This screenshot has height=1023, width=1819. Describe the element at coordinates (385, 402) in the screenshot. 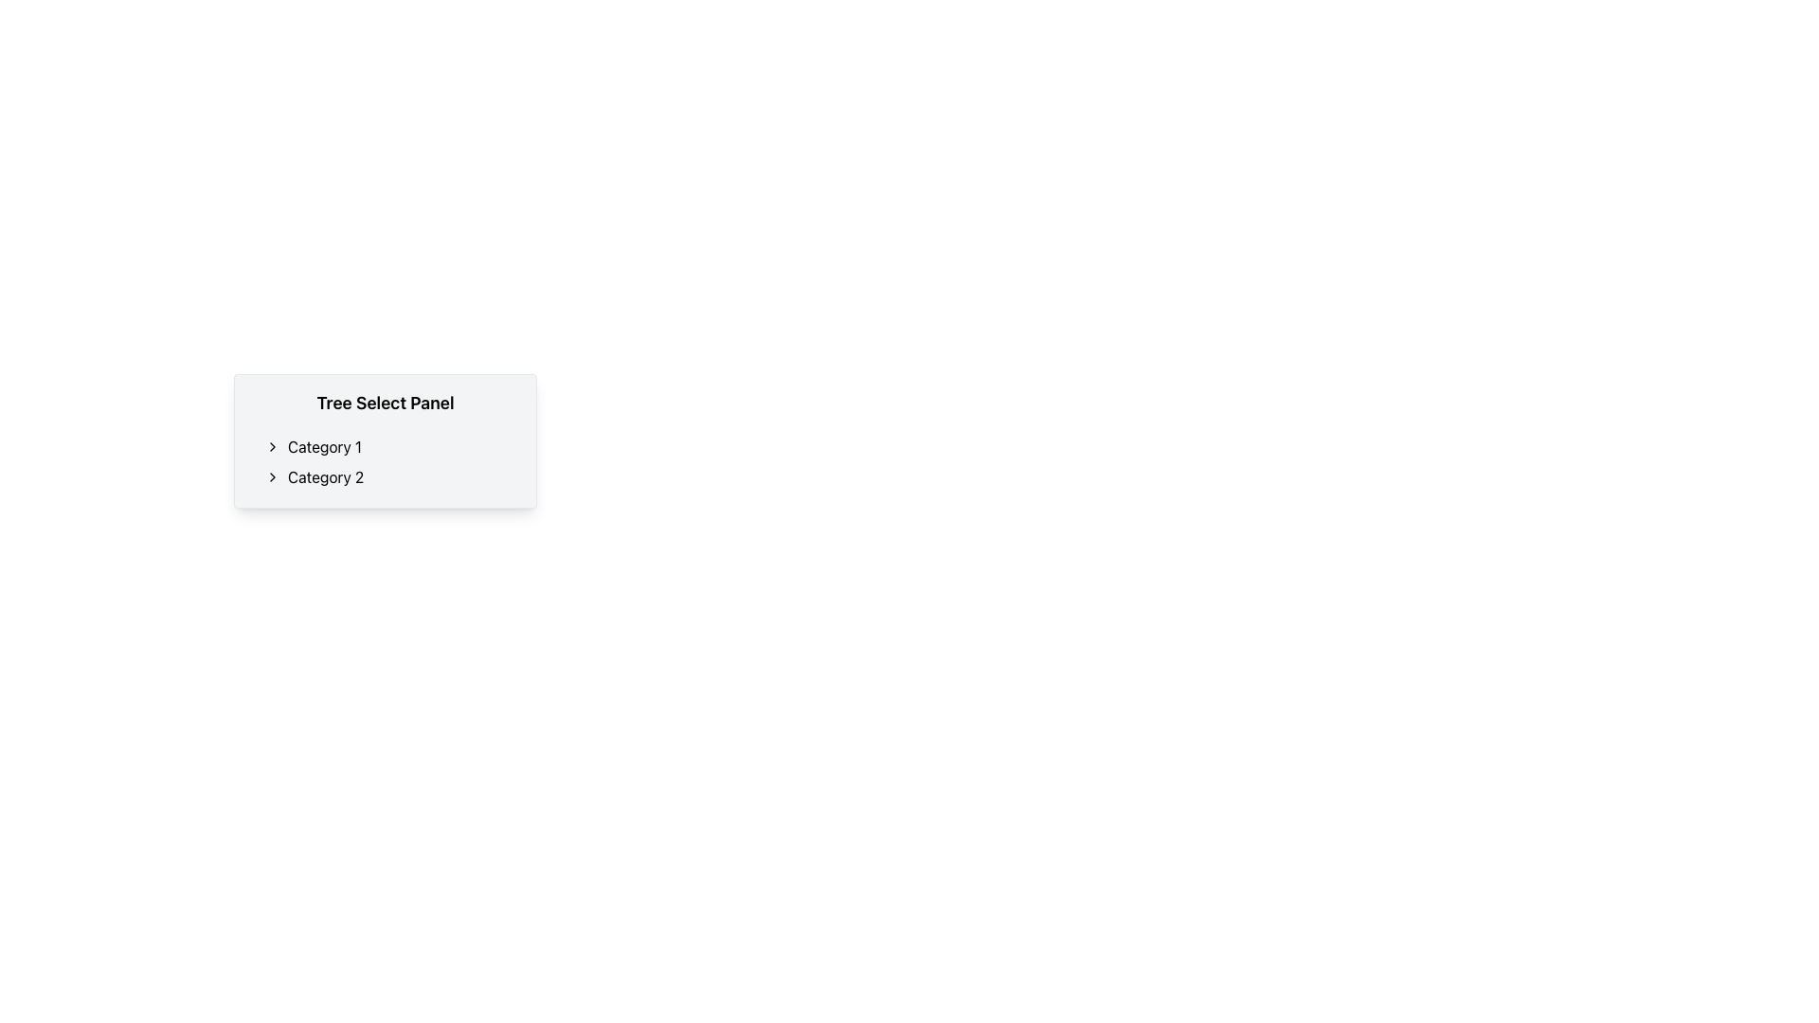

I see `the bold black title text 'Tree Select Panel' that is located within a card-like panel with a light gray background` at that location.